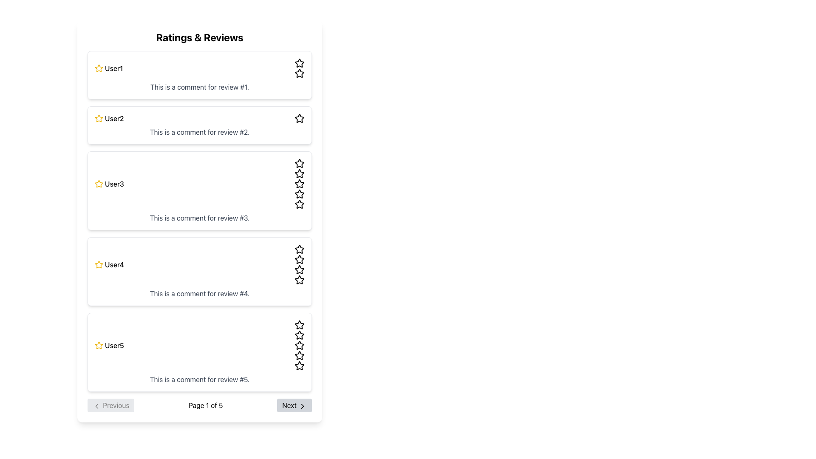 The image size is (816, 459). What do you see at coordinates (96, 405) in the screenshot?
I see `the 'Previous' icon located at the bottom-left corner of the interface` at bounding box center [96, 405].